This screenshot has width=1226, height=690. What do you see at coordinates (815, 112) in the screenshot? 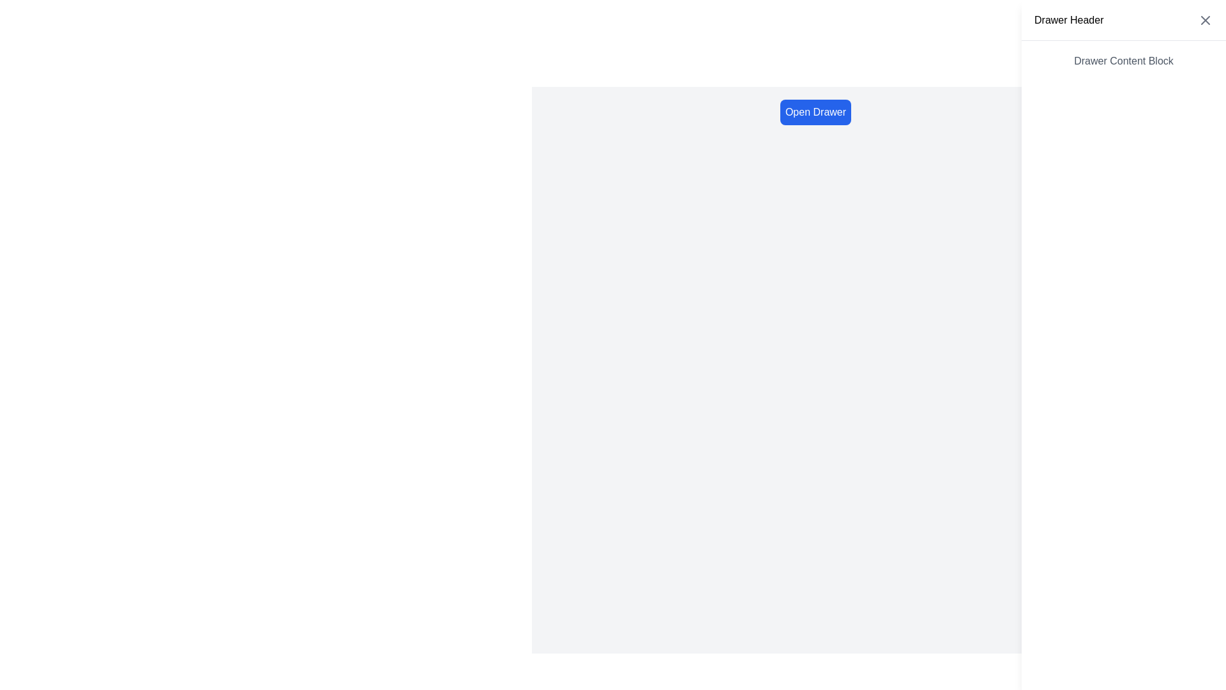
I see `the button with a blue background and white text reading 'Open Drawer' to observe the styling change when the background darkens` at bounding box center [815, 112].